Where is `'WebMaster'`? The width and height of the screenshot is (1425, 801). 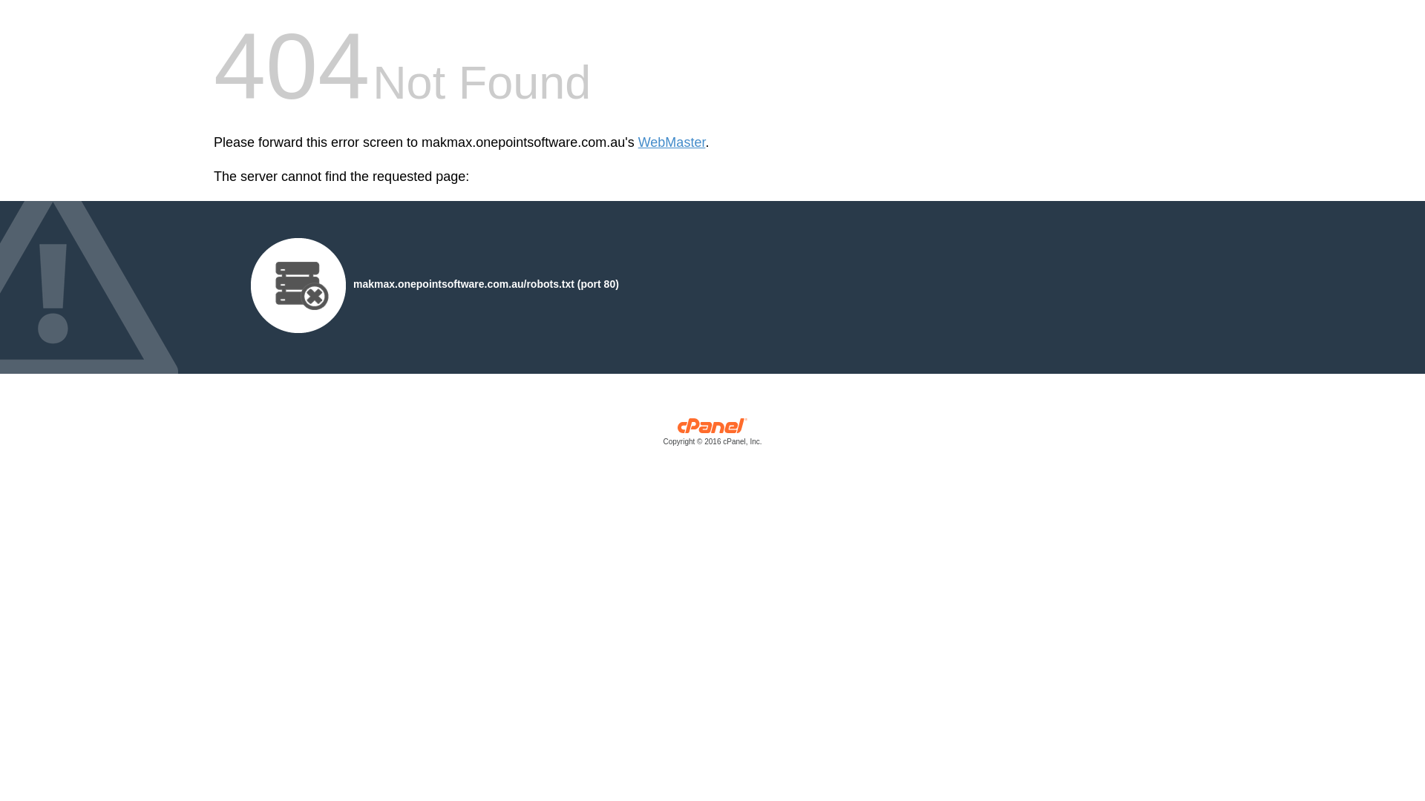
'WebMaster' is located at coordinates (671, 142).